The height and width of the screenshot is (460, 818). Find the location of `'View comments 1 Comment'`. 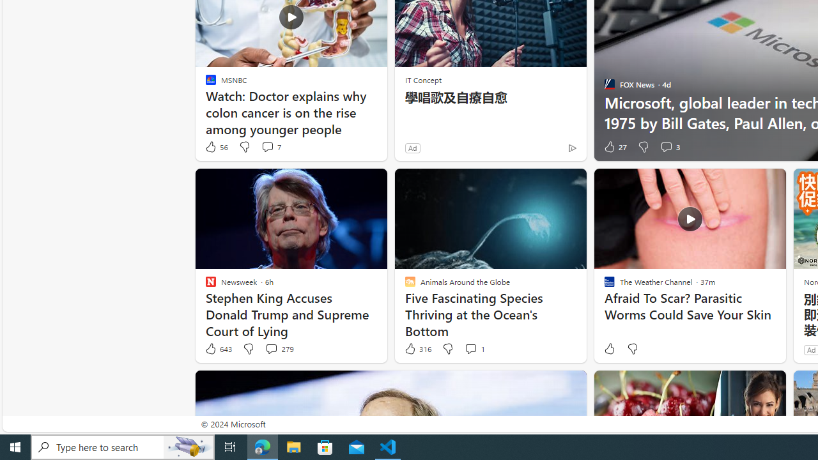

'View comments 1 Comment' is located at coordinates (474, 349).